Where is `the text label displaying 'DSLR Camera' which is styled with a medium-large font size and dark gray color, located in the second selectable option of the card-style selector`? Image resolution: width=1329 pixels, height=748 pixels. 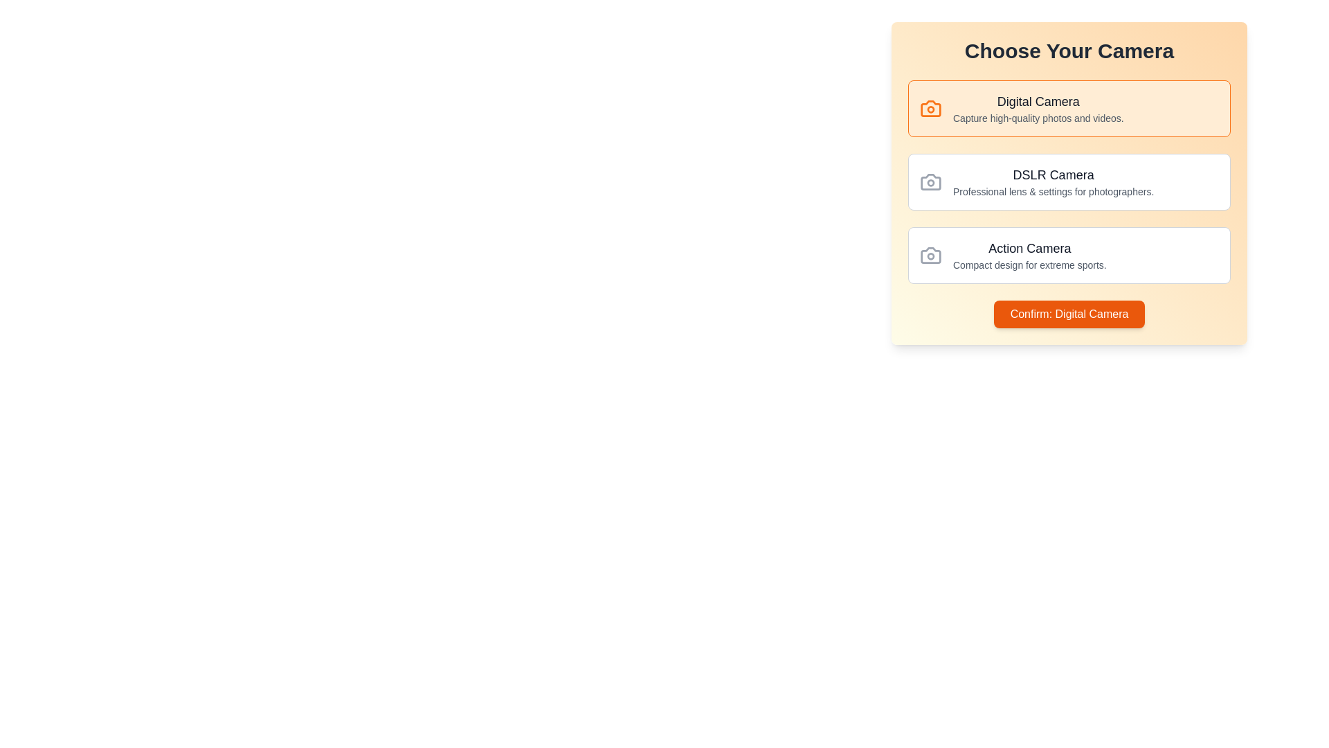
the text label displaying 'DSLR Camera' which is styled with a medium-large font size and dark gray color, located in the second selectable option of the card-style selector is located at coordinates (1053, 175).